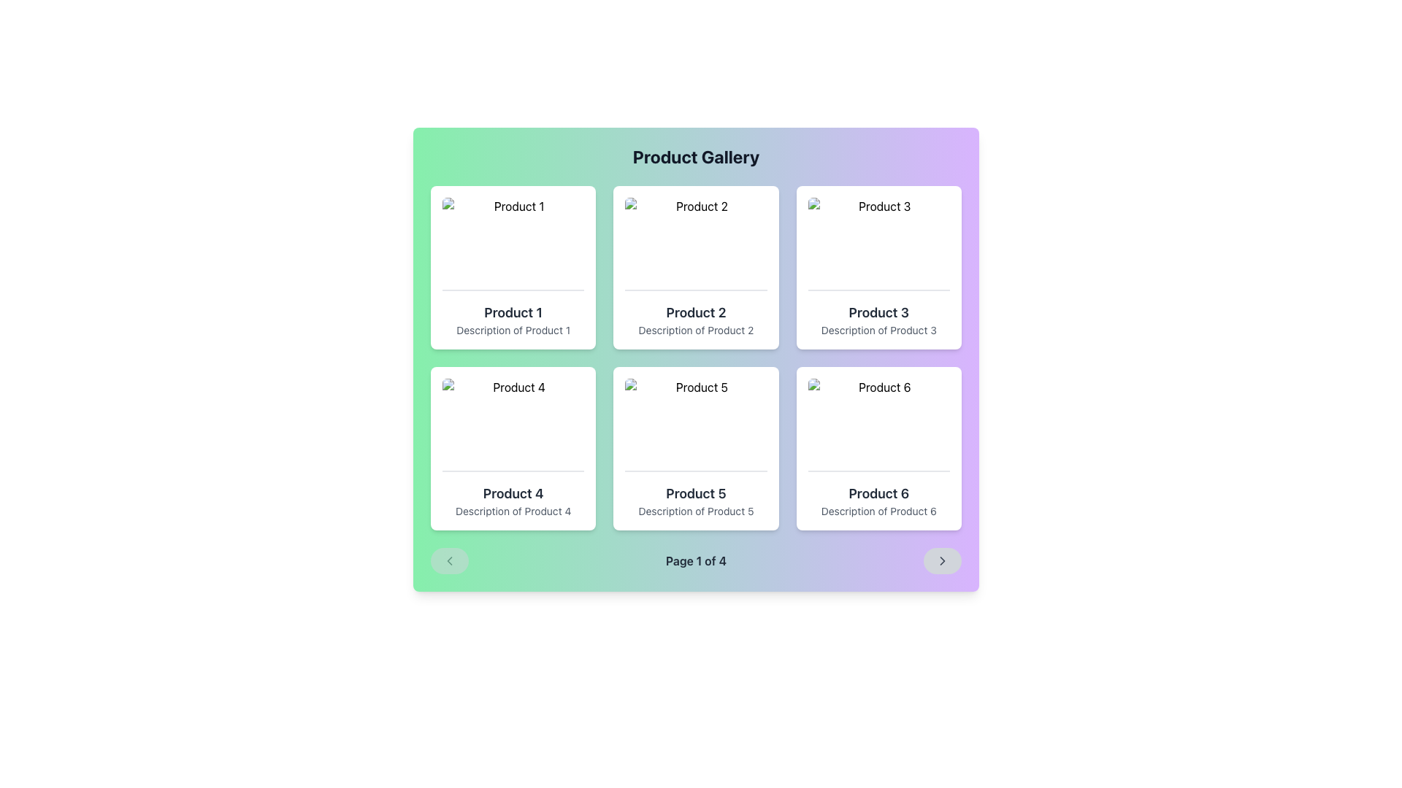 The height and width of the screenshot is (788, 1402). I want to click on the right-pointing chevron icon button located at the bottom-right corner of the interface to trigger potential hover effects, so click(943, 560).